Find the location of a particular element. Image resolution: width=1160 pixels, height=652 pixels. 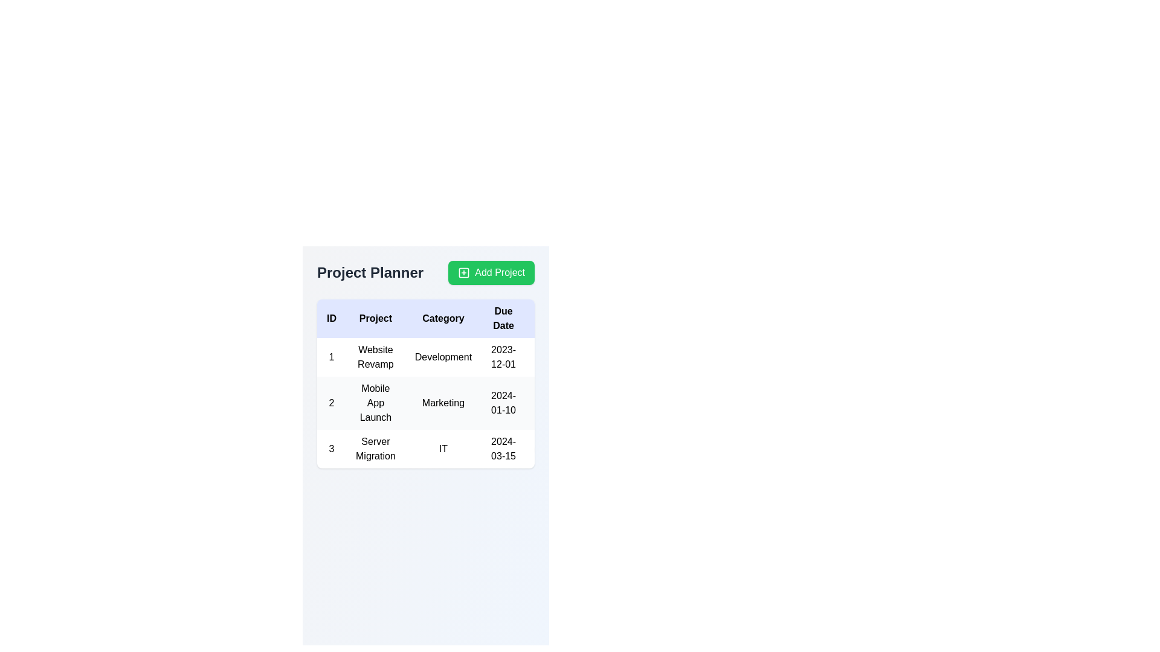

the text label displaying the due date in the fourth column of the second row of the table under the header 'Due Date' is located at coordinates (503, 403).